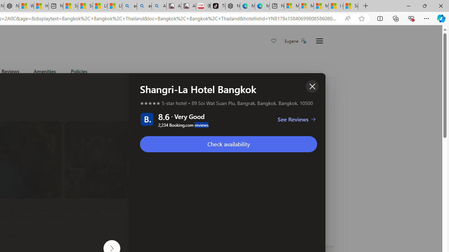  I want to click on 'Huge shark washes ashore at New York City beach | Watch', so click(41, 6).